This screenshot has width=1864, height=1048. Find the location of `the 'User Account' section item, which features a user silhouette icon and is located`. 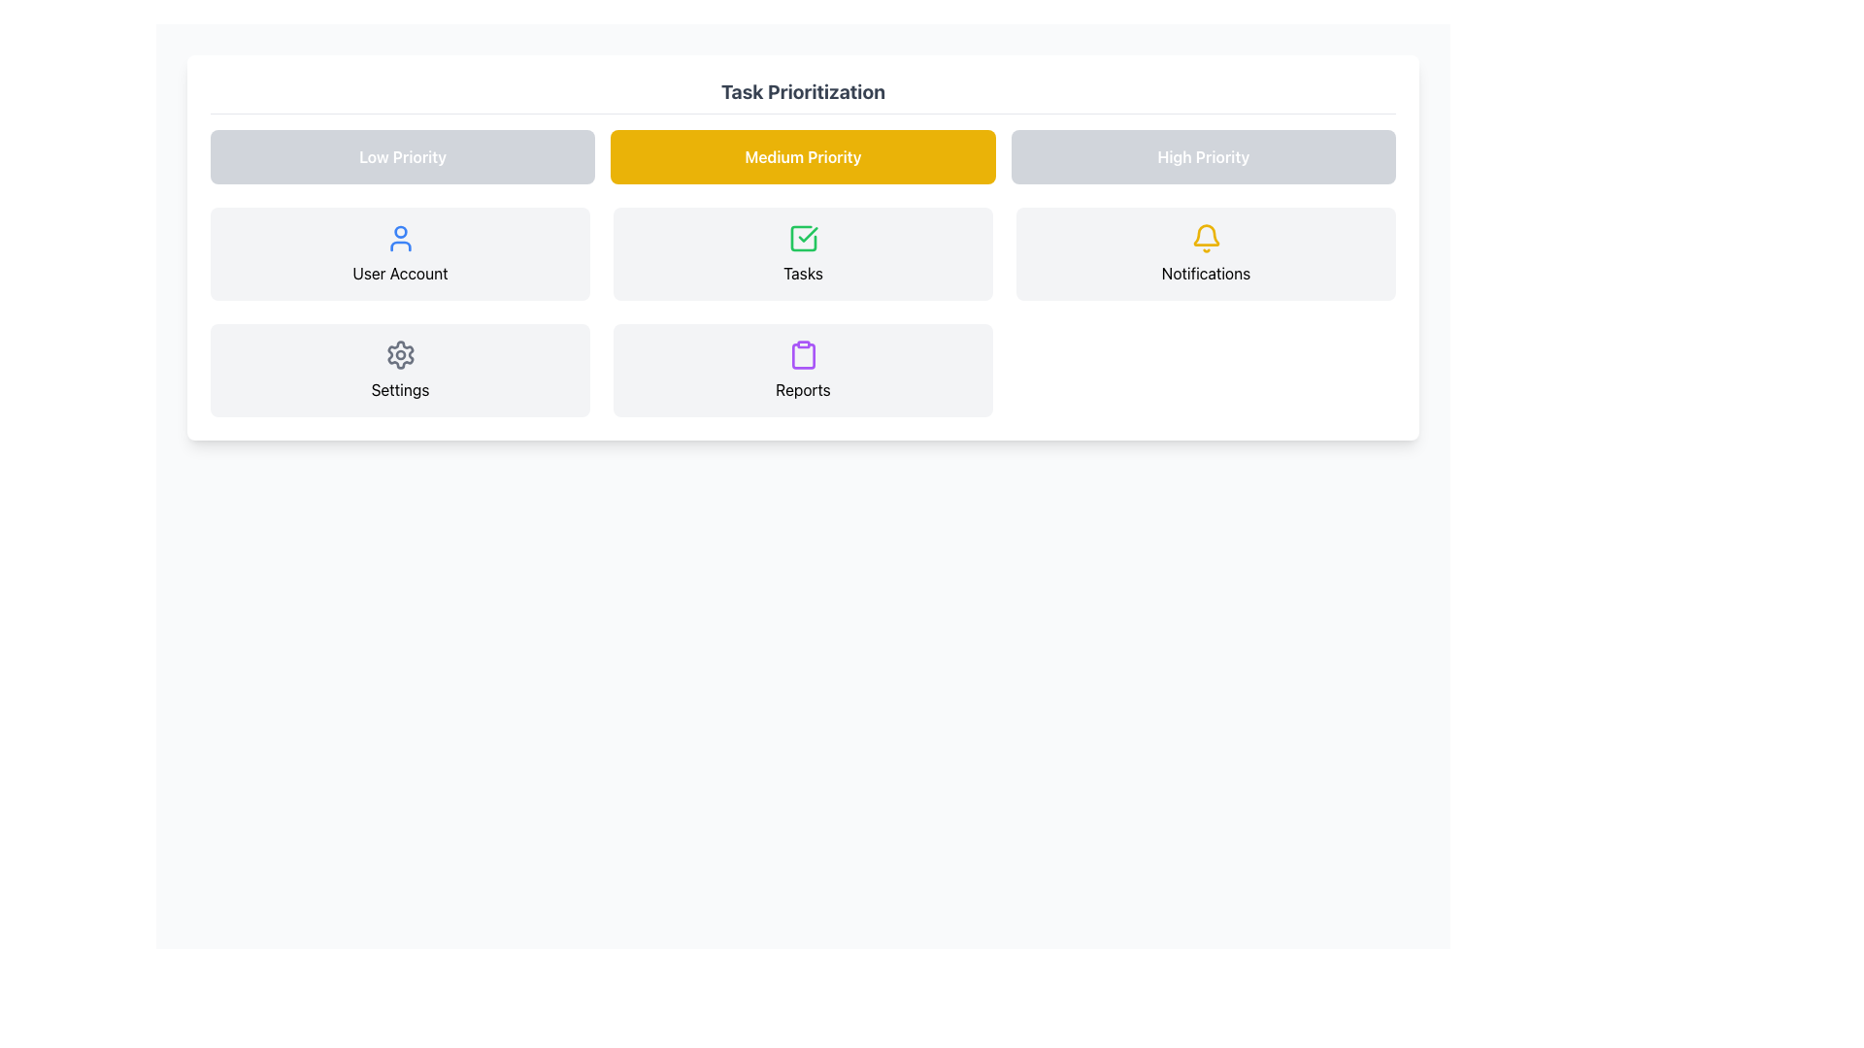

the 'User Account' section item, which features a user silhouette icon and is located is located at coordinates (399, 253).